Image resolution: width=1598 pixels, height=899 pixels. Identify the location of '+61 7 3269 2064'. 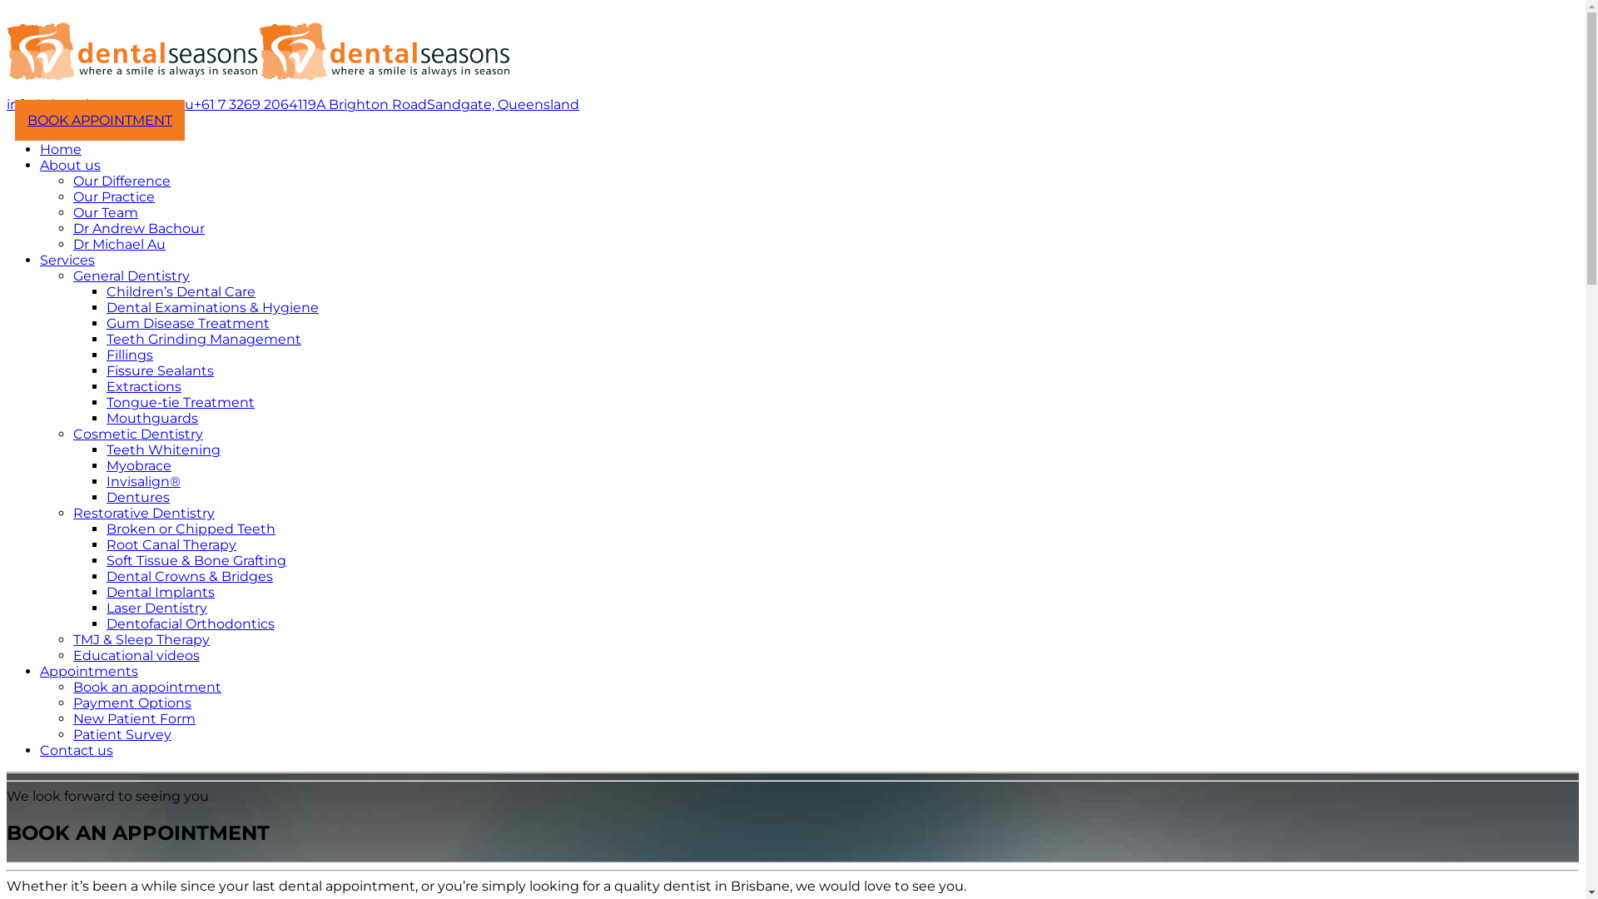
(245, 104).